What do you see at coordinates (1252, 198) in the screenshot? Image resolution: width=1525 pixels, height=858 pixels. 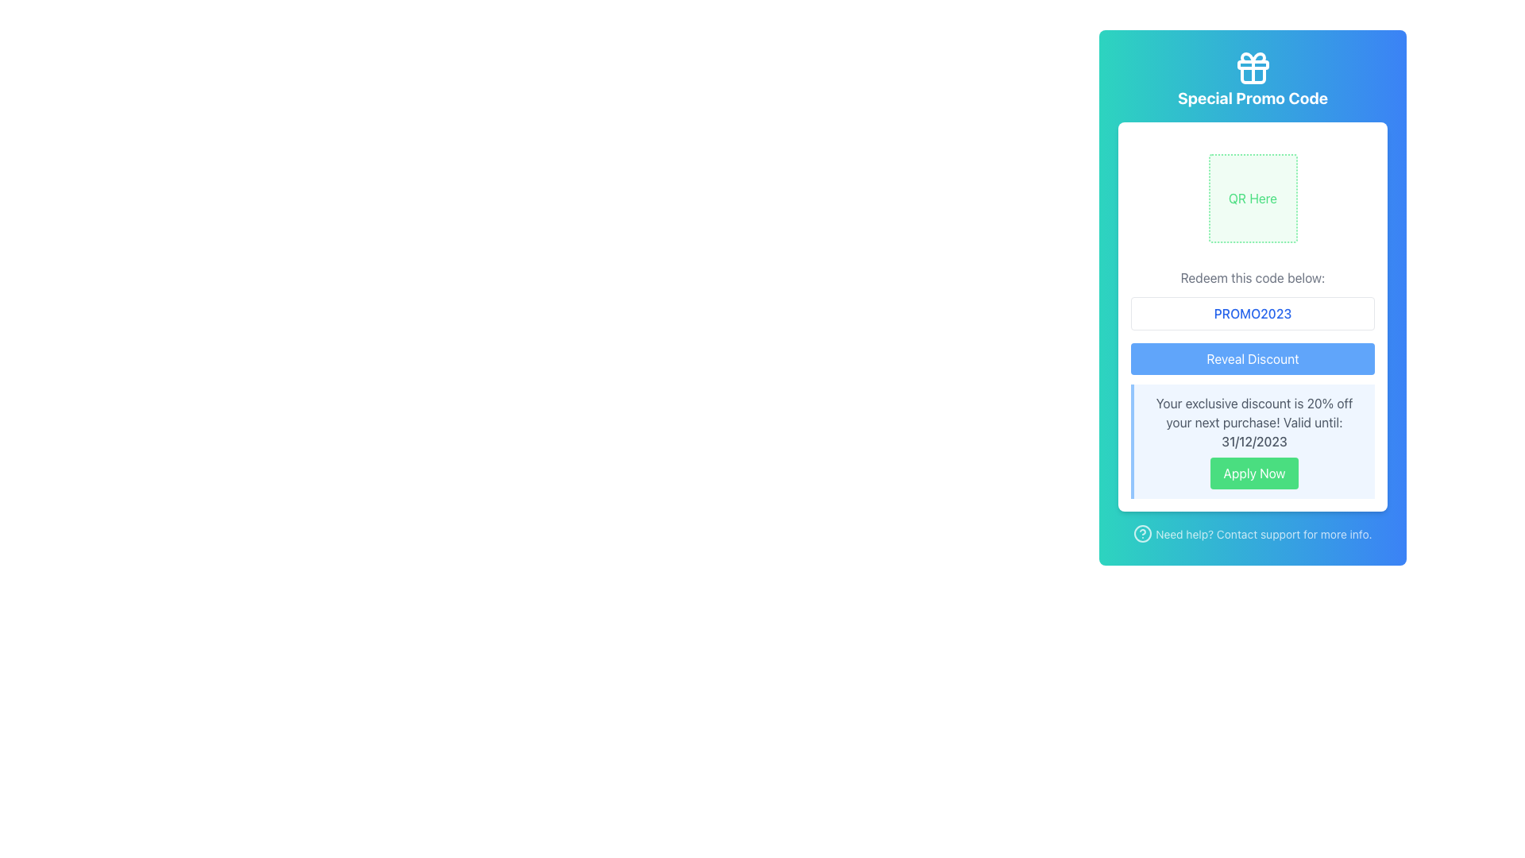 I see `the text label displaying 'QR Here' in bright green font, which is centered inside a light green rounded box with a dotted border` at bounding box center [1252, 198].